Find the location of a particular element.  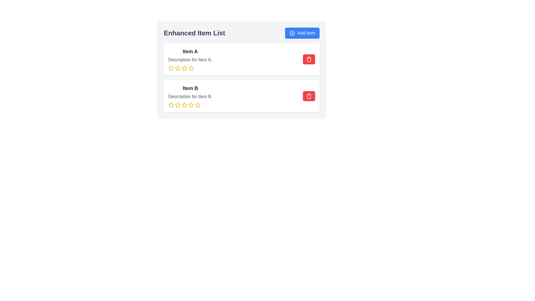

the 'Add New Item' button located on the top right corner of the 'Enhanced Item List' header section to trigger visual feedback is located at coordinates (302, 33).